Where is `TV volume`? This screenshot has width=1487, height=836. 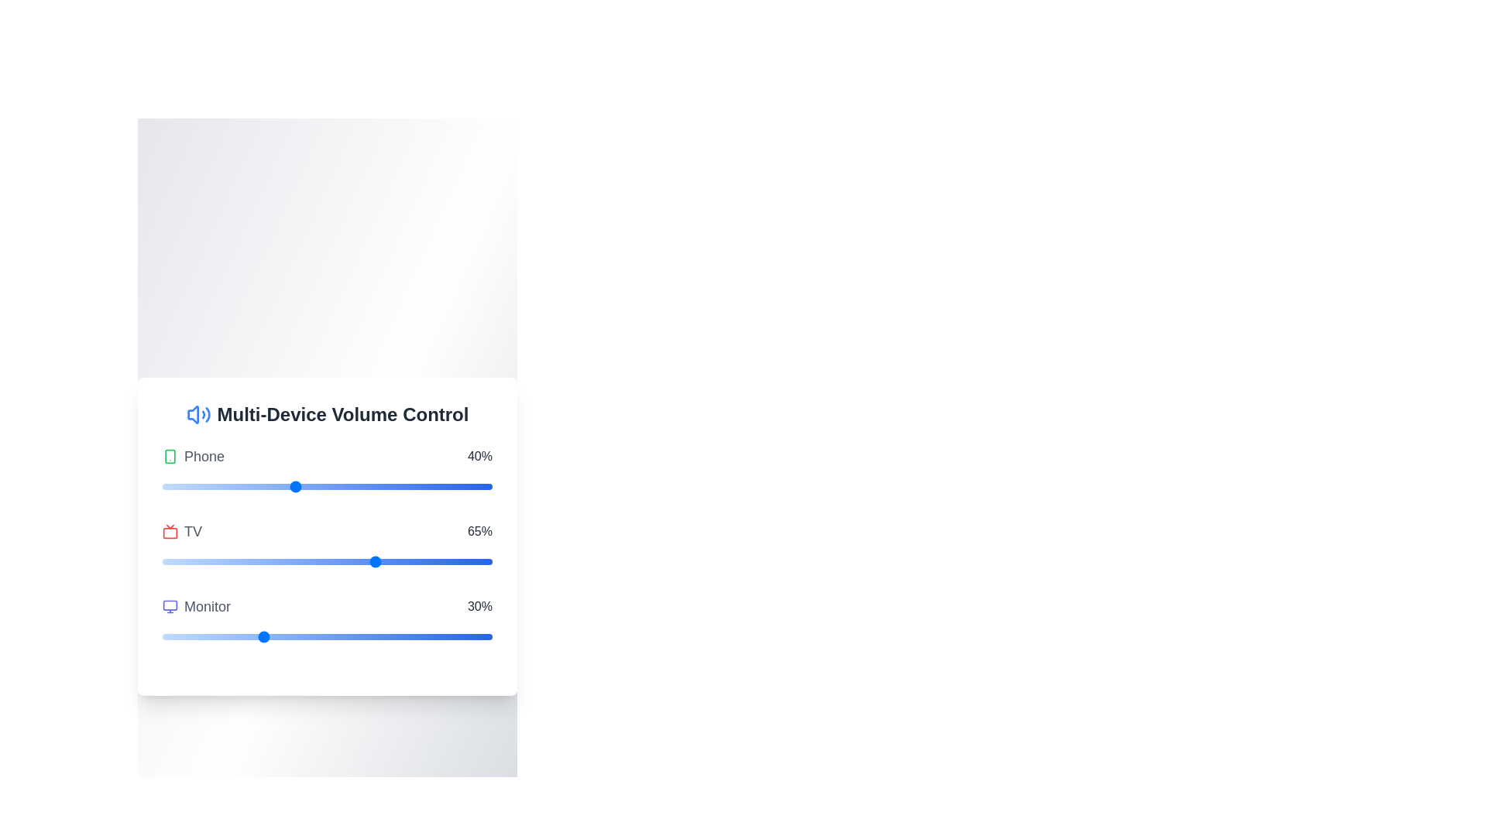 TV volume is located at coordinates (333, 561).